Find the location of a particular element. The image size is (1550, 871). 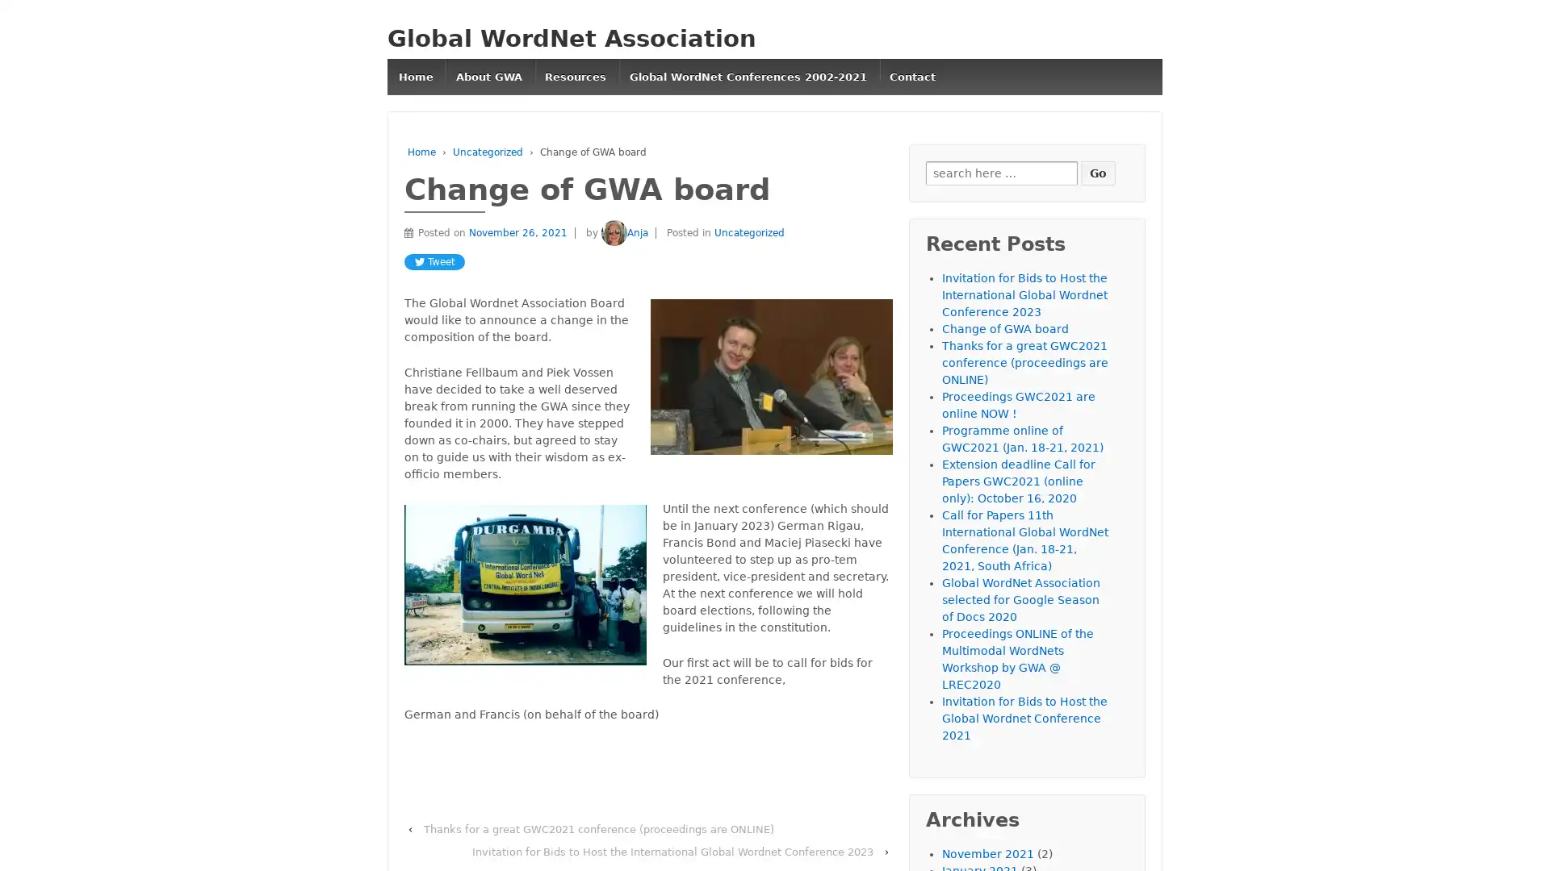

Go is located at coordinates (1098, 172).